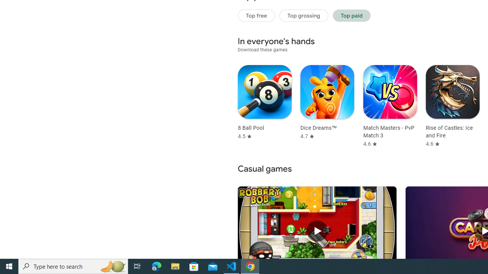 Image resolution: width=488 pixels, height=274 pixels. I want to click on 'Top grossing', so click(303, 15).